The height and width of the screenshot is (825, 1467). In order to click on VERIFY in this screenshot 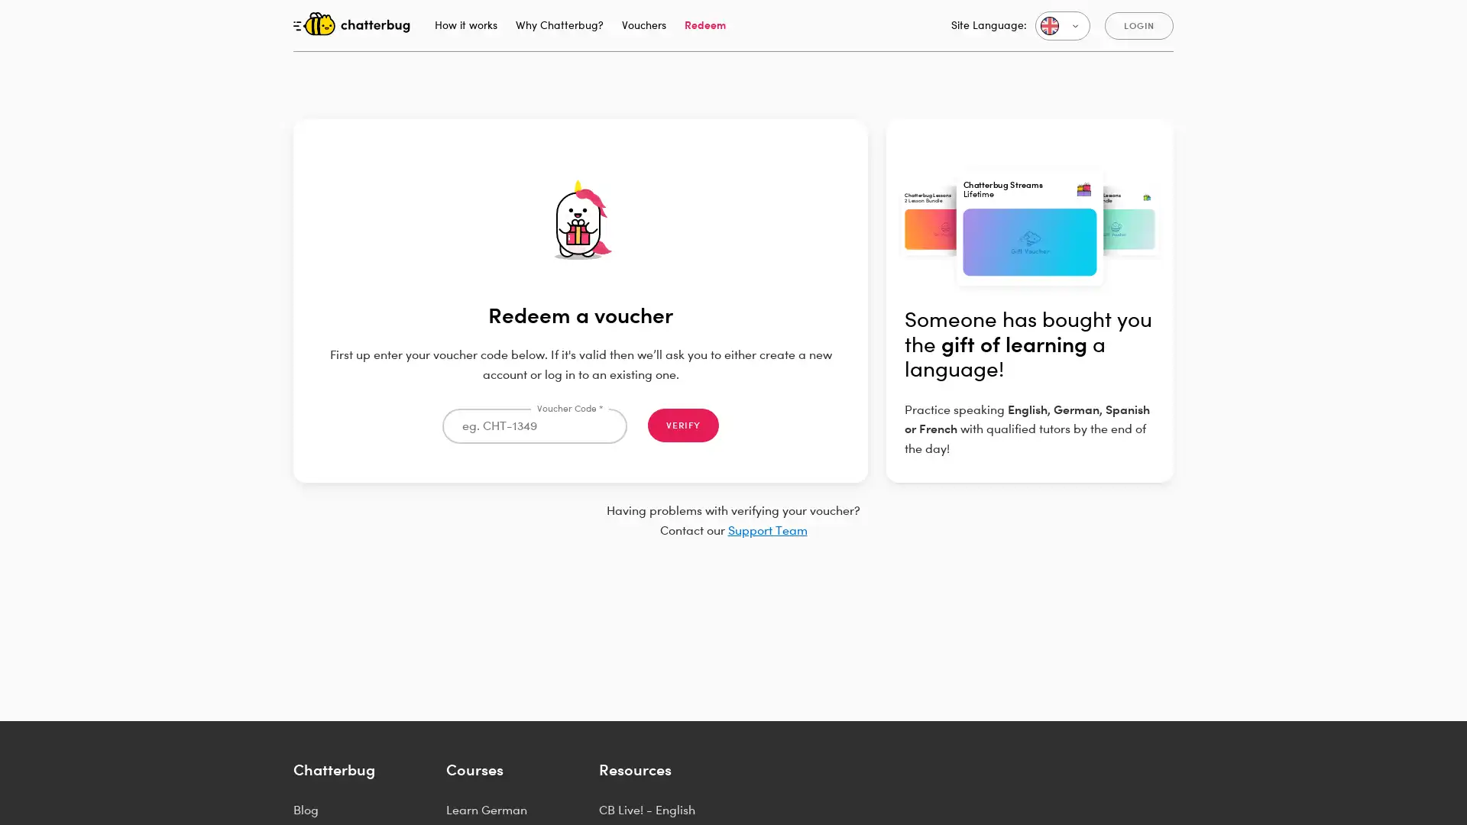, I will do `click(682, 425)`.